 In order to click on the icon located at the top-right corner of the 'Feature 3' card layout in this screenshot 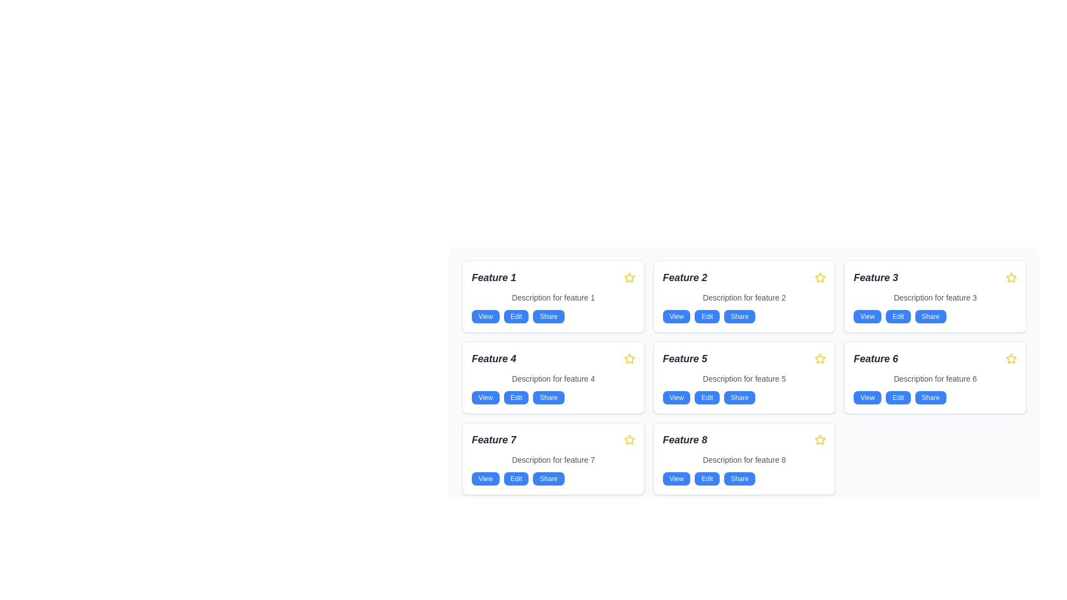, I will do `click(1011, 277)`.